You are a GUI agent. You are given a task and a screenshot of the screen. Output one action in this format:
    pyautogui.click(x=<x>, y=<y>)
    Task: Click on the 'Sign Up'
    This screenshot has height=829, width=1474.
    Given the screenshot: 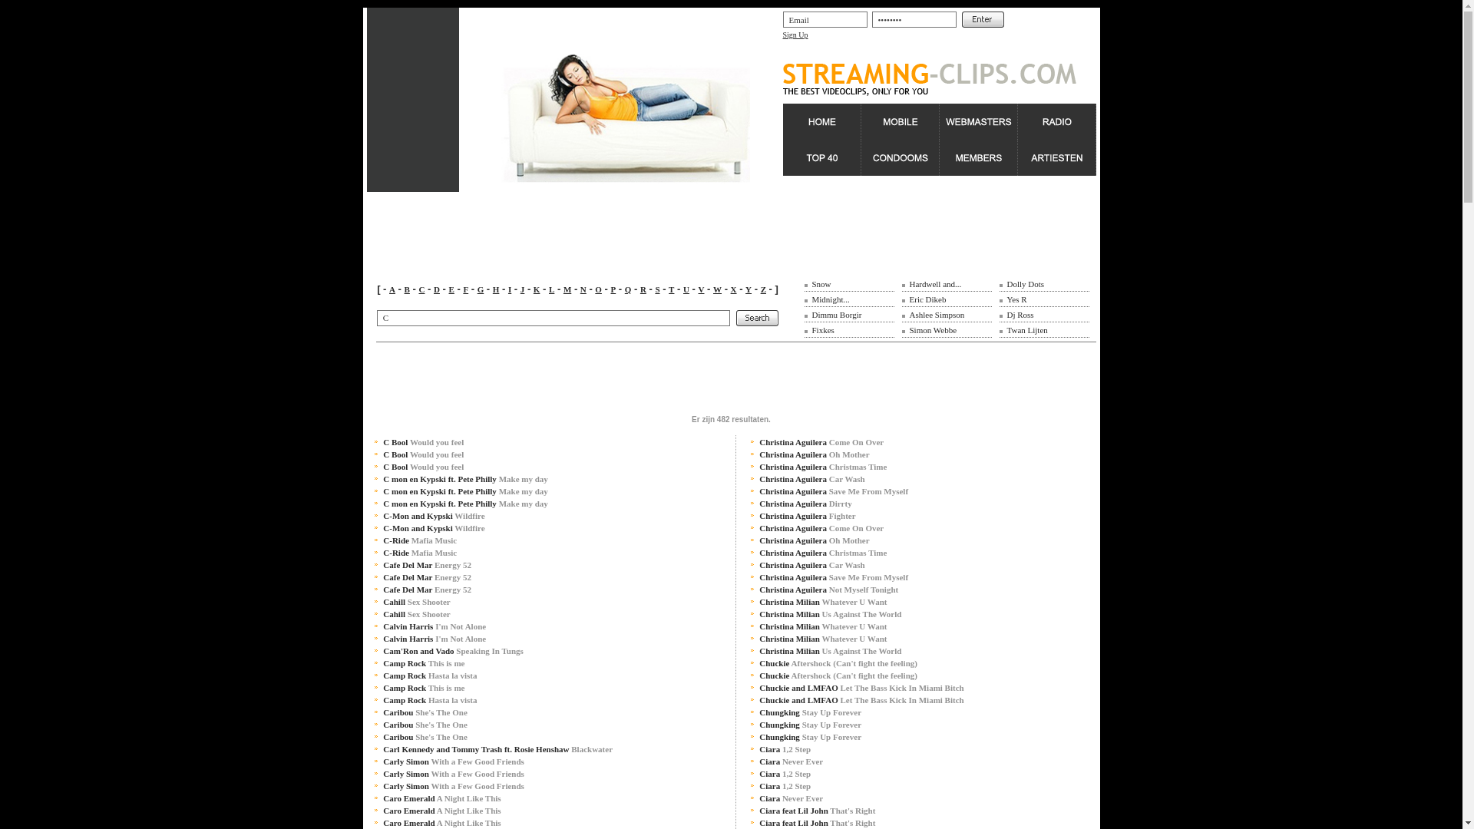 What is the action you would take?
    pyautogui.click(x=795, y=35)
    